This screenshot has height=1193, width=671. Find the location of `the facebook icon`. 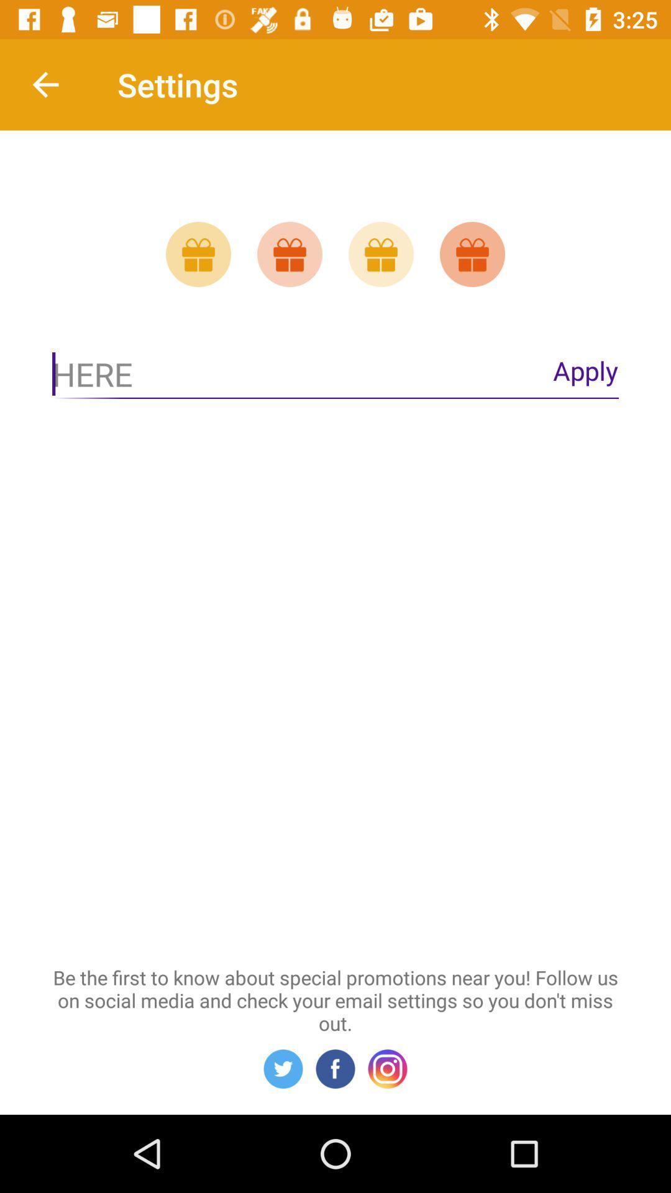

the facebook icon is located at coordinates (335, 1068).